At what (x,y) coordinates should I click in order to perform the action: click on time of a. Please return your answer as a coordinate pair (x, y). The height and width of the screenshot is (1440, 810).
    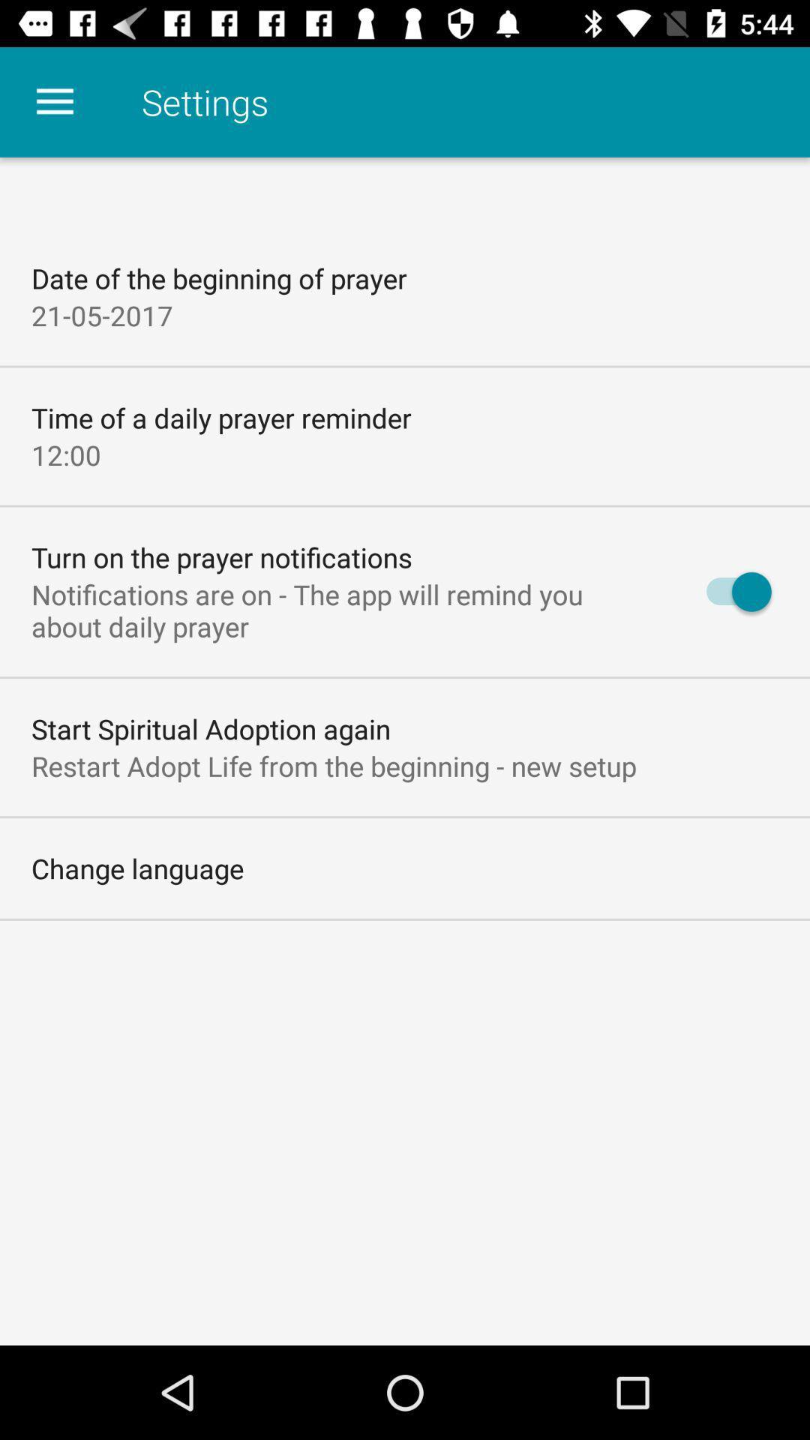
    Looking at the image, I should click on (221, 418).